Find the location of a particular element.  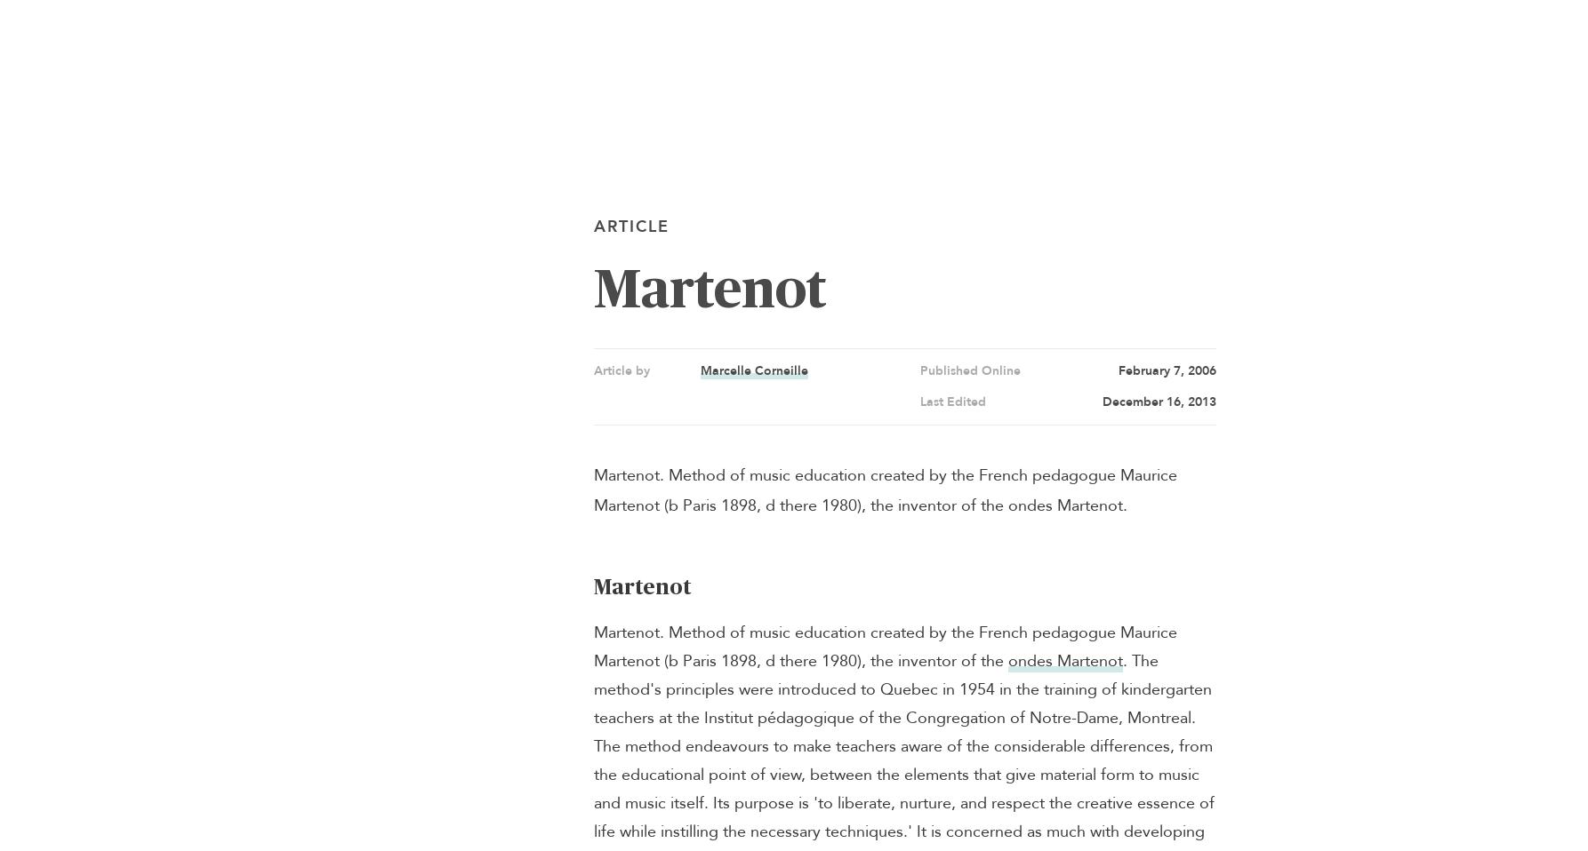

'Resources' is located at coordinates (10, 203).